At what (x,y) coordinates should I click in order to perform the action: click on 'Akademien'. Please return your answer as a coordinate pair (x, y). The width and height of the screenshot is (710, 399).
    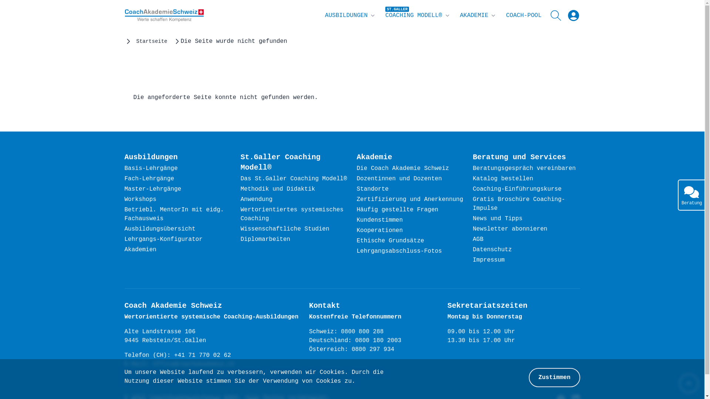
    Looking at the image, I should click on (140, 250).